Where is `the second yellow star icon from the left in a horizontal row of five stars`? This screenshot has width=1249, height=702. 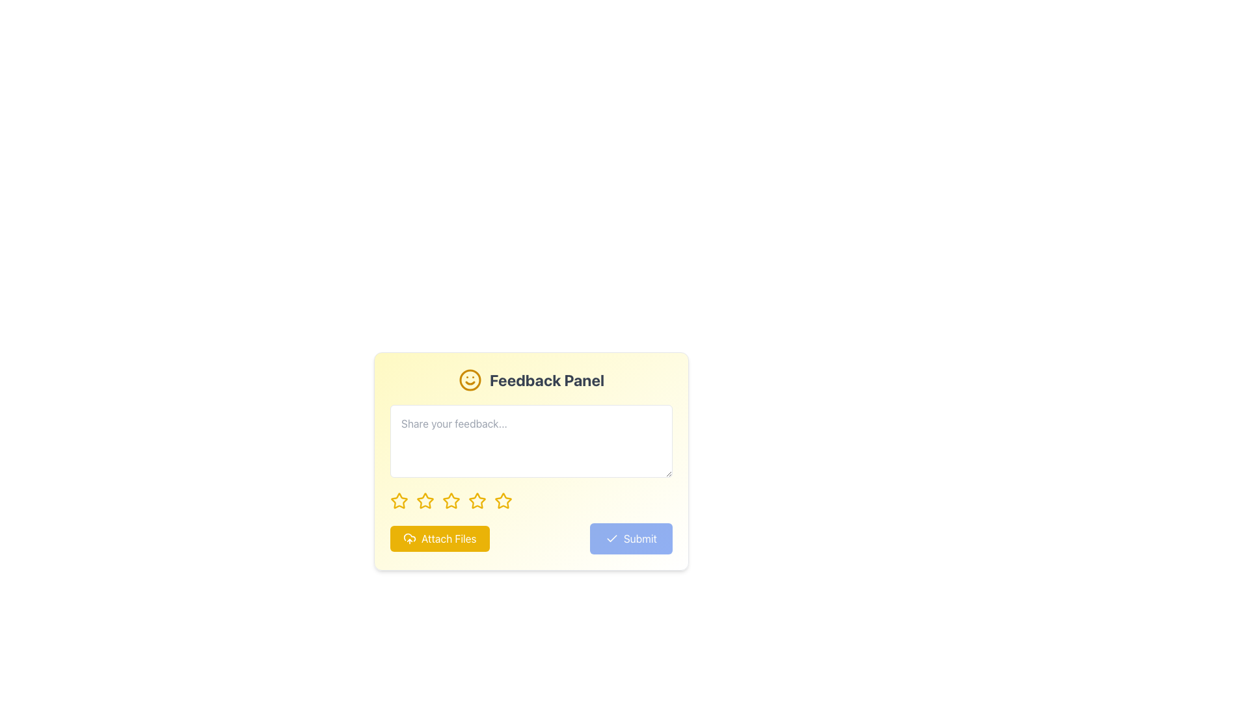
the second yellow star icon from the left in a horizontal row of five stars is located at coordinates (424, 500).